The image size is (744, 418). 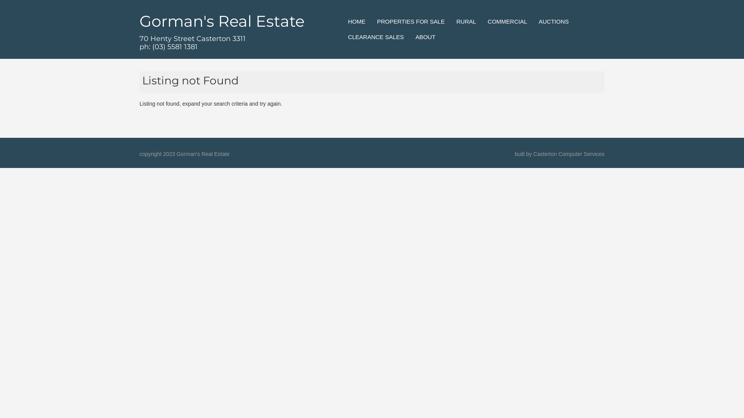 I want to click on 'ABOUT', so click(x=425, y=37).